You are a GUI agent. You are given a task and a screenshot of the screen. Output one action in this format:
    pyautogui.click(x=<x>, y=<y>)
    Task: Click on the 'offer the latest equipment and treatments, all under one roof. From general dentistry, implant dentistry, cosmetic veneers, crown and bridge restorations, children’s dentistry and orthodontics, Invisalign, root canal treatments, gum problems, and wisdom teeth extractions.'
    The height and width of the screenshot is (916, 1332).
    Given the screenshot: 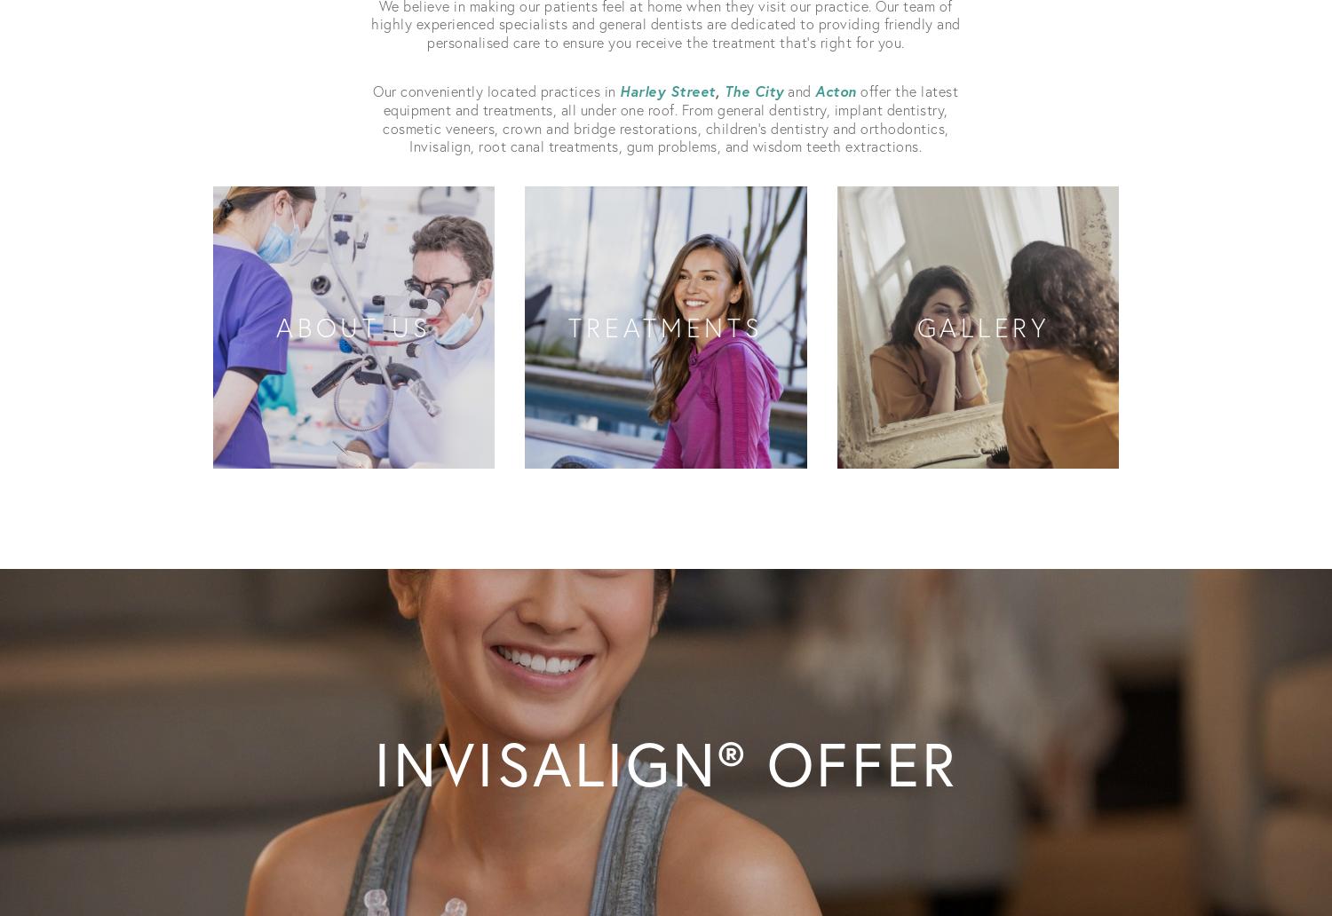 What is the action you would take?
    pyautogui.click(x=672, y=117)
    